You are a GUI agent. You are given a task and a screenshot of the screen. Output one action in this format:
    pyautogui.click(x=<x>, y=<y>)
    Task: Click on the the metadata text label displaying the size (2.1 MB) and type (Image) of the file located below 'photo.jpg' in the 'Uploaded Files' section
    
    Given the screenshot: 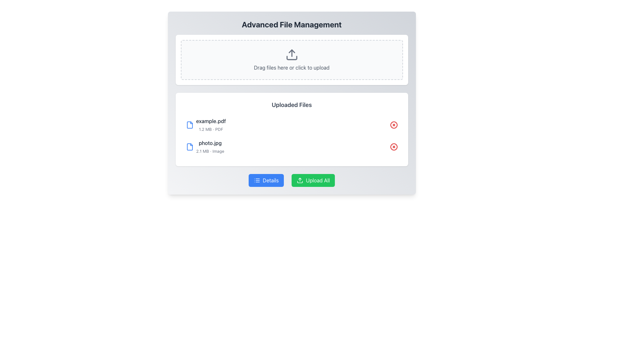 What is the action you would take?
    pyautogui.click(x=210, y=151)
    